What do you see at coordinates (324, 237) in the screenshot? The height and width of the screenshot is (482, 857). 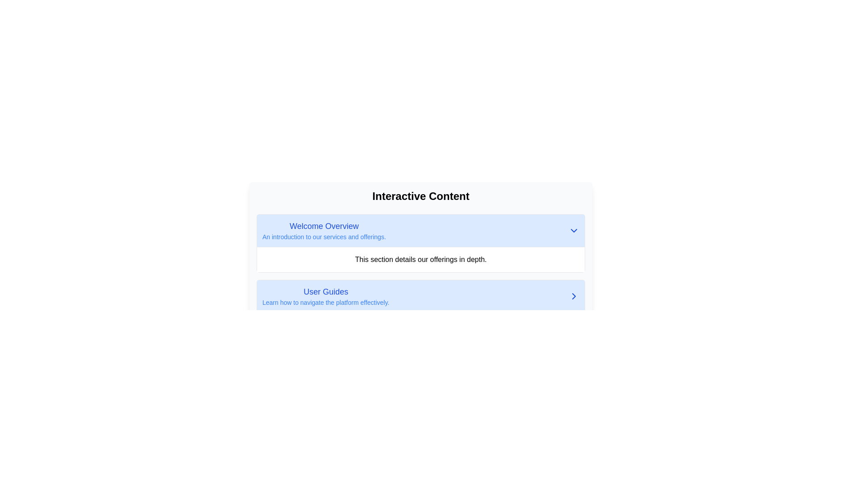 I see `the informational text label that provides a contextual description related to the 'Welcome Overview' section, positioned below the larger 'Welcome Overview' text` at bounding box center [324, 237].